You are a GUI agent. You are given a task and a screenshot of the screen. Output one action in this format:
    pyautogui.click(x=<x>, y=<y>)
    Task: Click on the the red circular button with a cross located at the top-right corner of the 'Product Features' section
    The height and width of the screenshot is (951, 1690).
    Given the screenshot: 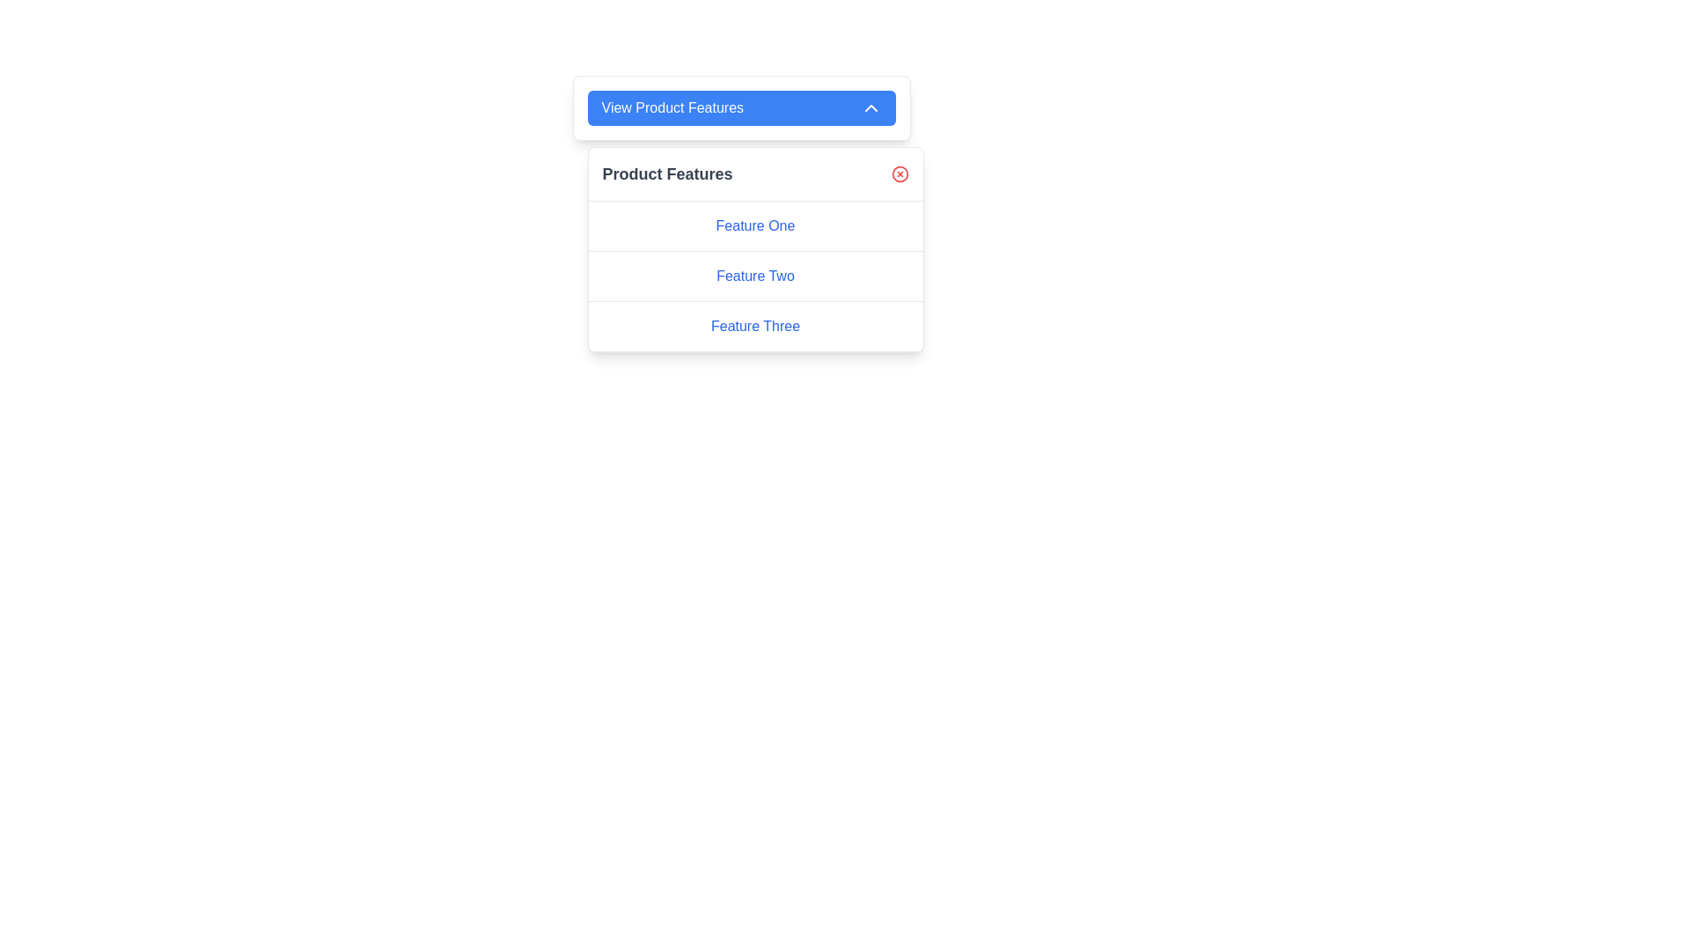 What is the action you would take?
    pyautogui.click(x=900, y=173)
    